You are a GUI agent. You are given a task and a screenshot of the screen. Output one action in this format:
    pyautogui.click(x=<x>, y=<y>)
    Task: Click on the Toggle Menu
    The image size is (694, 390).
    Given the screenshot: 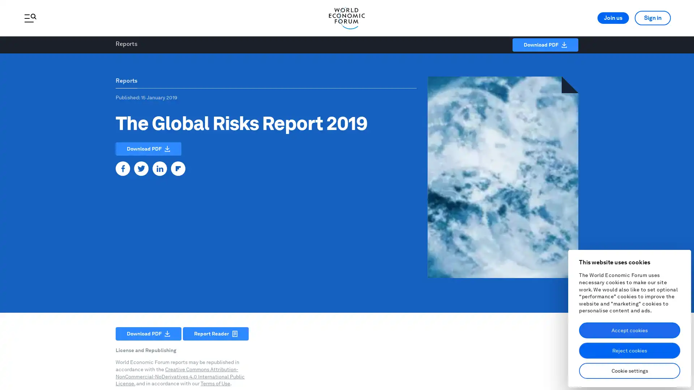 What is the action you would take?
    pyautogui.click(x=30, y=18)
    